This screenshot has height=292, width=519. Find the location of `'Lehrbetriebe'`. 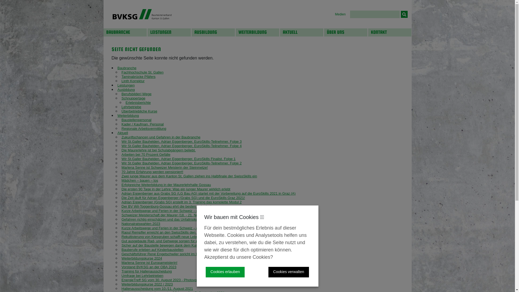

'Lehrbetriebe' is located at coordinates (131, 107).